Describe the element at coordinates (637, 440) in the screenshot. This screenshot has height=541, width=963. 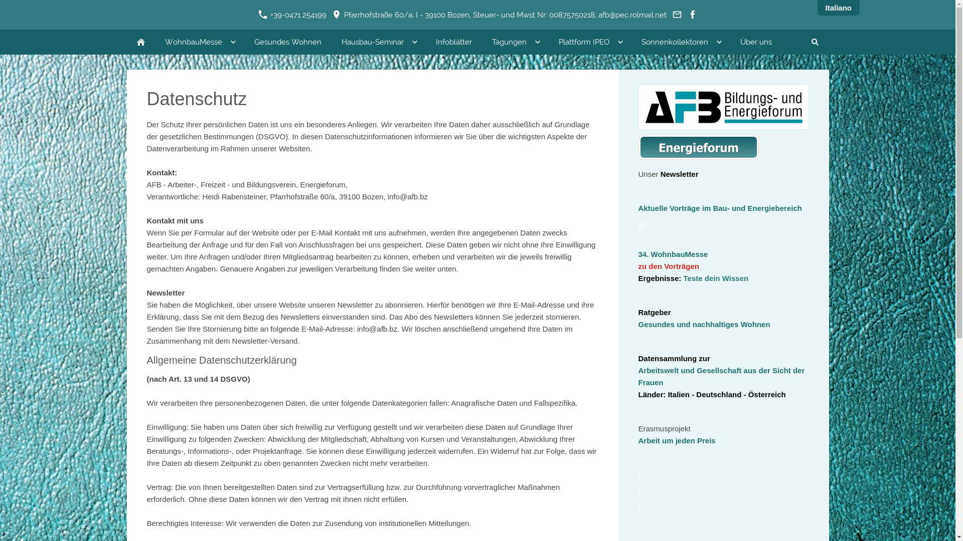
I see `'Arbeit um jeden Preis'` at that location.